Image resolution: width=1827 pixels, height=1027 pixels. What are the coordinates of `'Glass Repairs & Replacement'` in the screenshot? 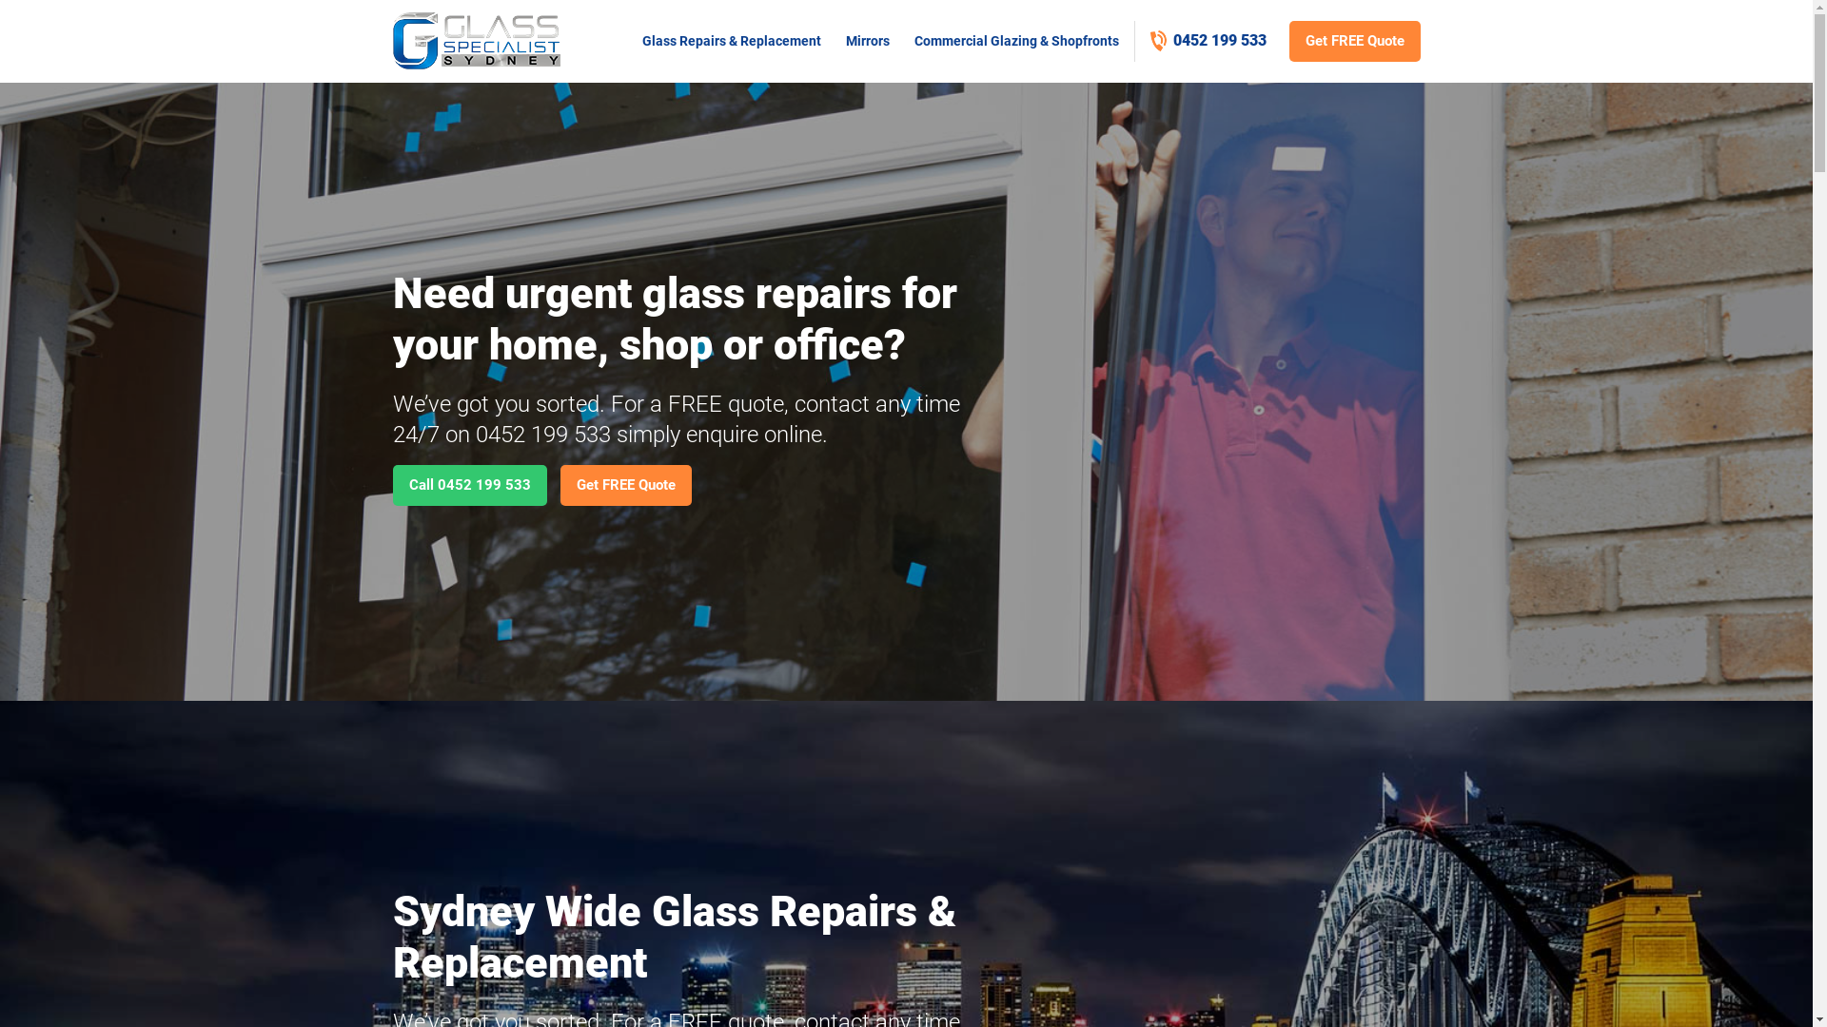 It's located at (730, 41).